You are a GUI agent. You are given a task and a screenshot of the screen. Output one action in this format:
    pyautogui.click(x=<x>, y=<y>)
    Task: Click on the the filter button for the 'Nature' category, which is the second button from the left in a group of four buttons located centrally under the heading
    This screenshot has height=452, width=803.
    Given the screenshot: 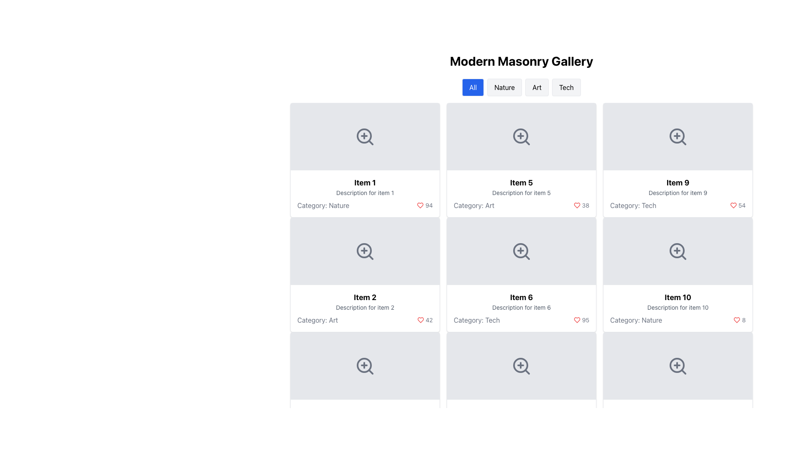 What is the action you would take?
    pyautogui.click(x=504, y=87)
    